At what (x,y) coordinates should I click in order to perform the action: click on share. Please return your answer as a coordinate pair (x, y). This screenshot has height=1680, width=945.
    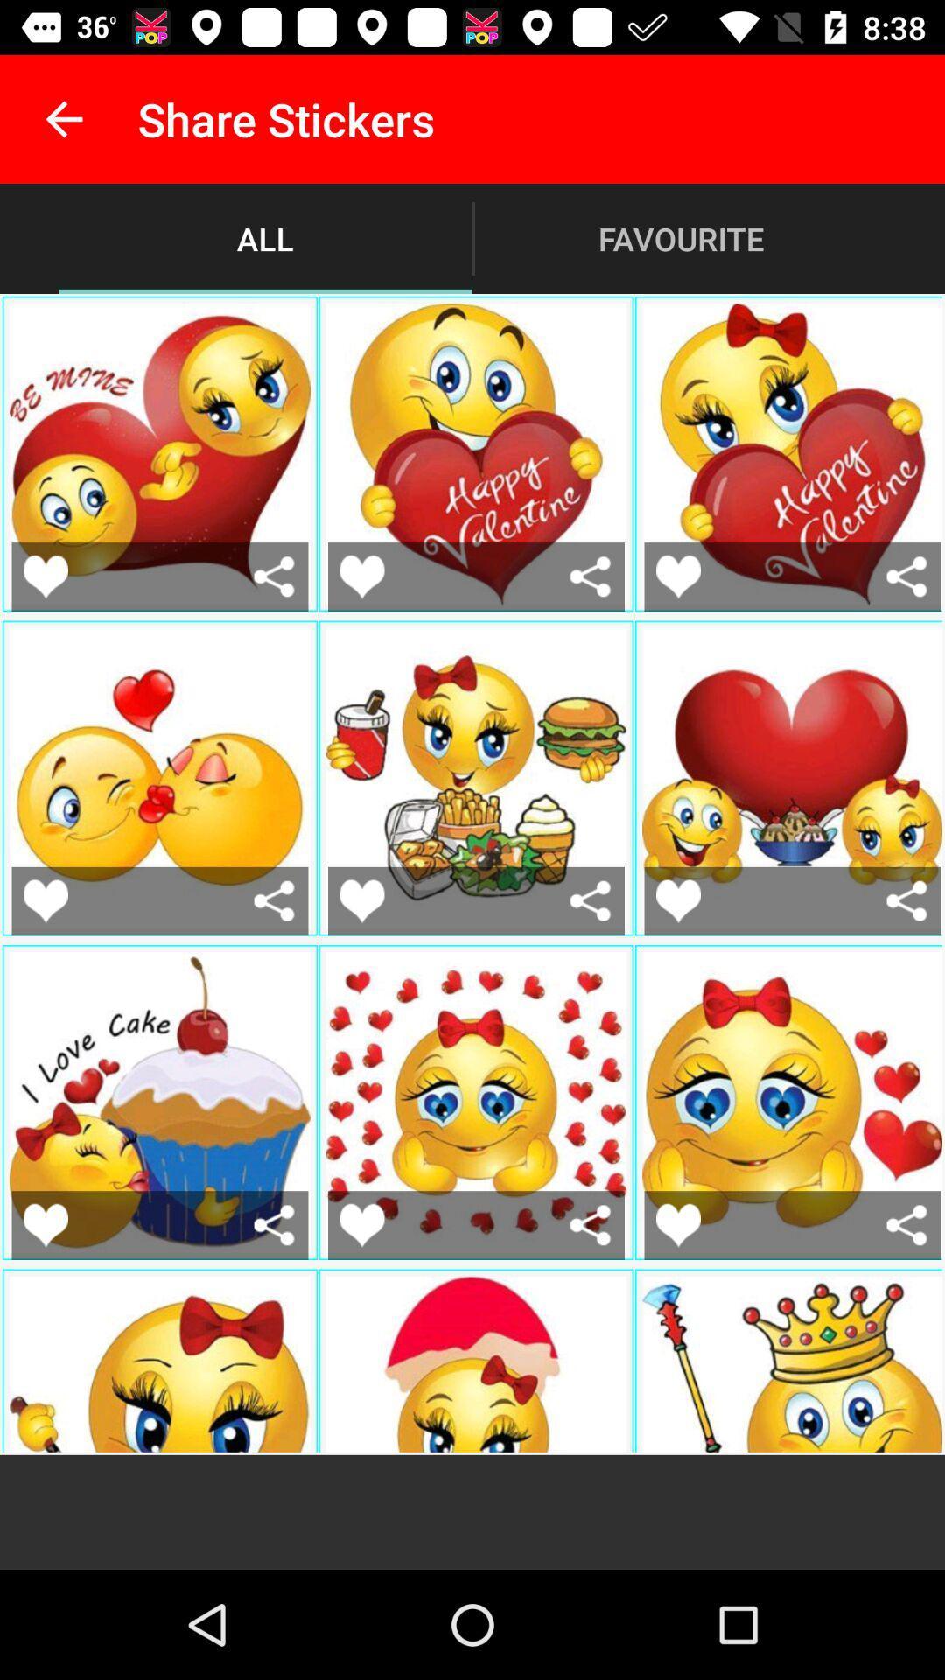
    Looking at the image, I should click on (591, 1224).